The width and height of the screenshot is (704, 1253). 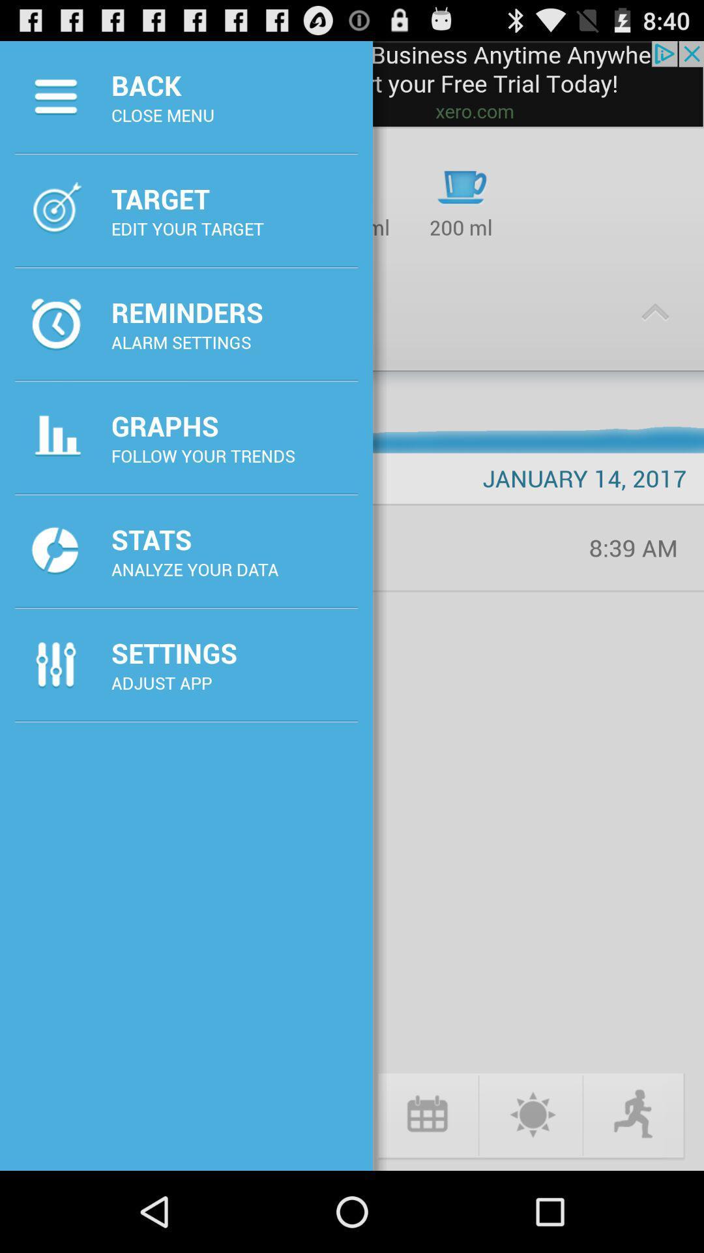 I want to click on the weather icon, so click(x=531, y=1192).